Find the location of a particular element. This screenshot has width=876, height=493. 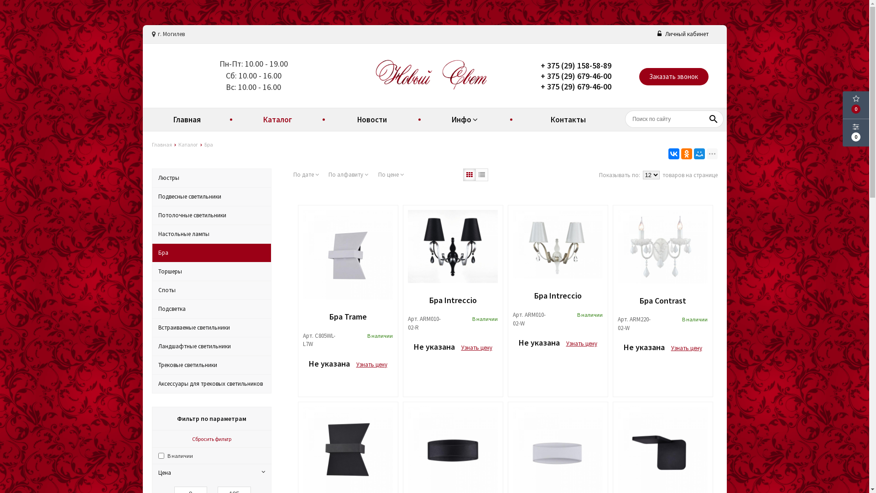

'+ 375 (29) 679-46-00' is located at coordinates (575, 75).